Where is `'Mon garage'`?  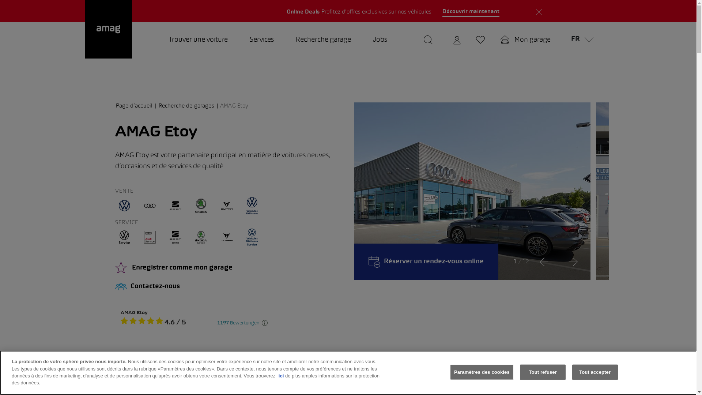 'Mon garage' is located at coordinates (496, 40).